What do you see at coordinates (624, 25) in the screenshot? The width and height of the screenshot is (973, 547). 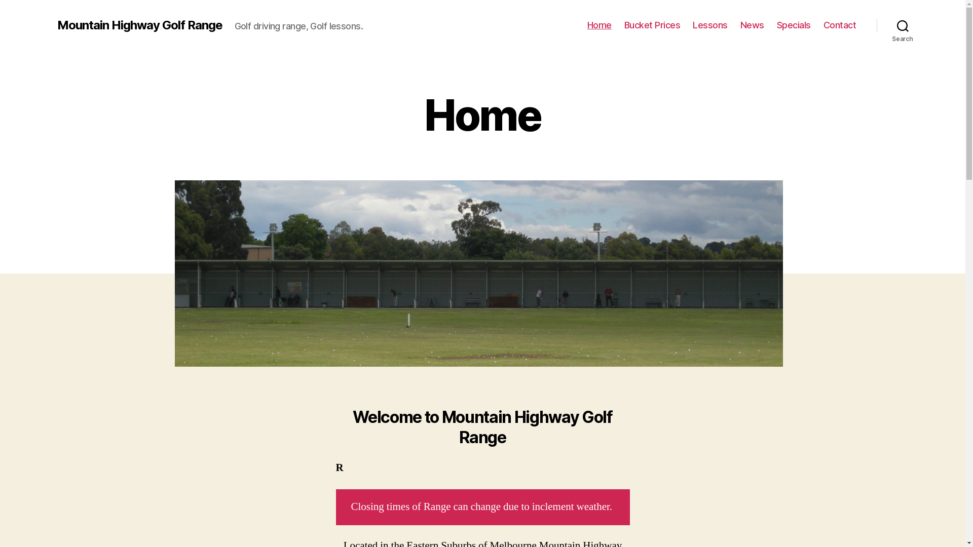 I see `'Bucket Prices'` at bounding box center [624, 25].